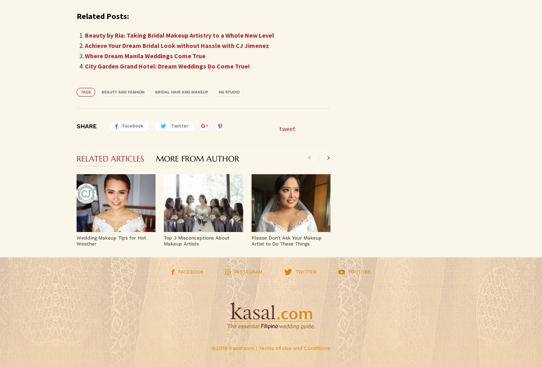  Describe the element at coordinates (110, 158) in the screenshot. I see `'RELATED ARTICLES'` at that location.